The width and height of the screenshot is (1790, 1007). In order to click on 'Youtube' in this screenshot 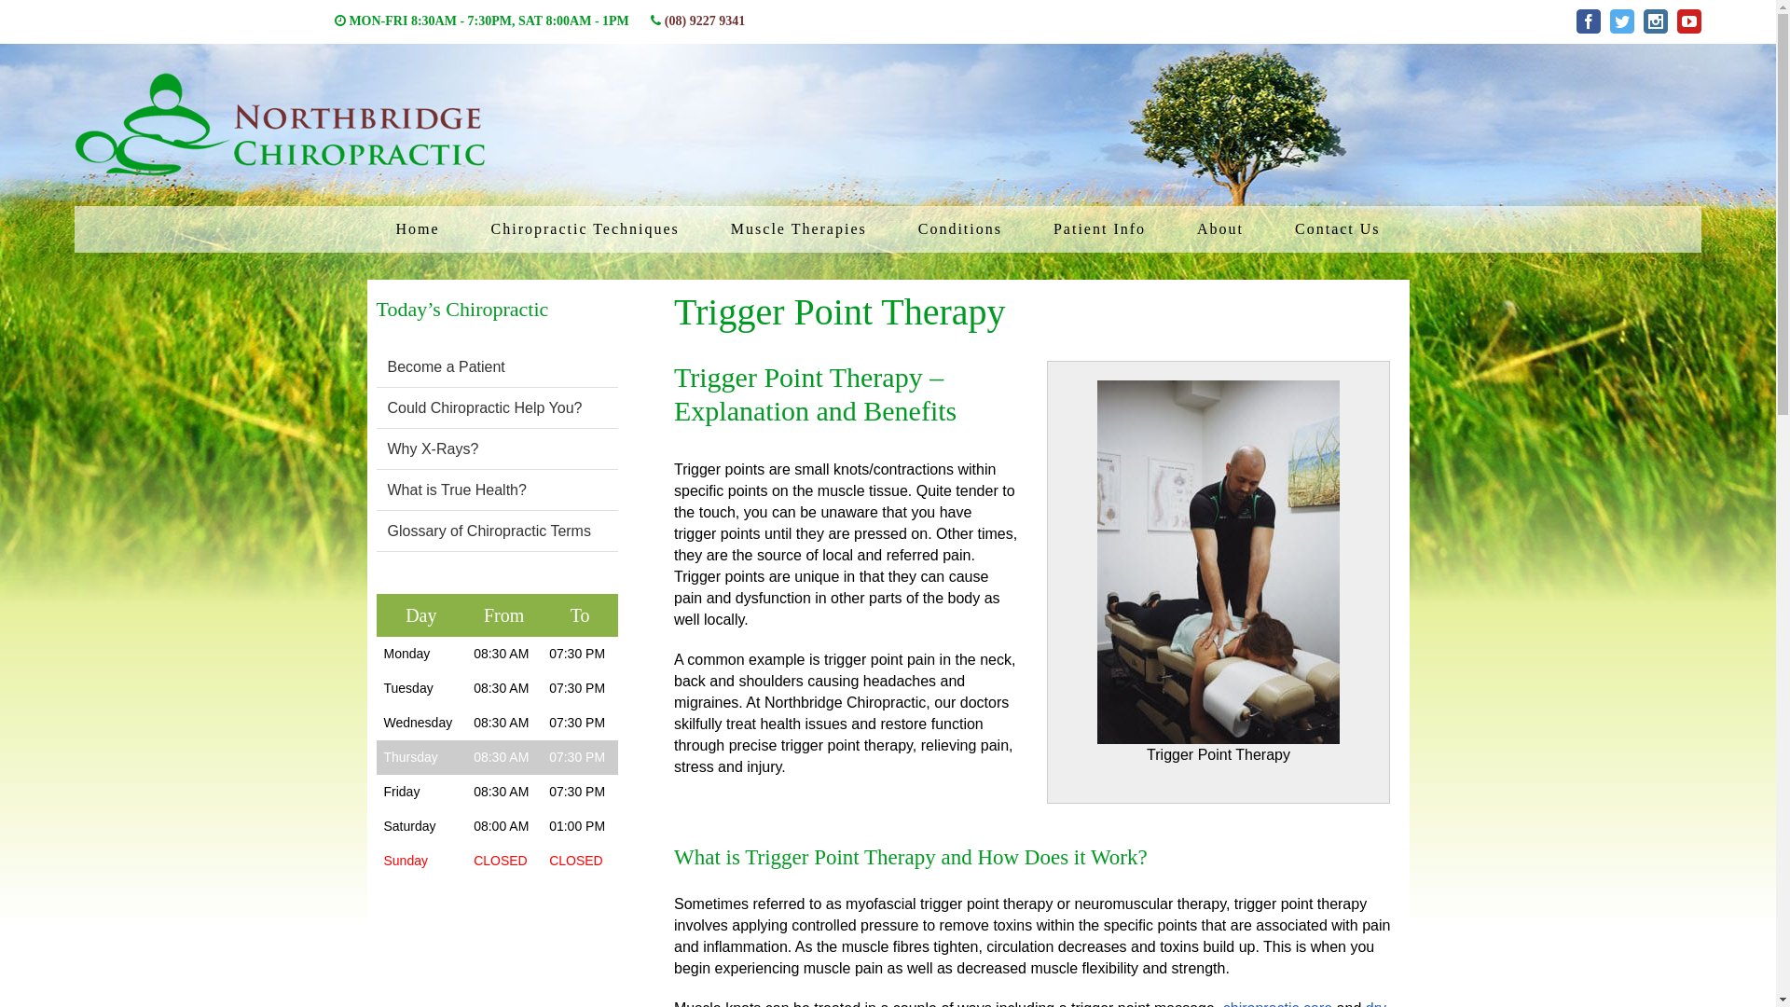, I will do `click(1689, 21)`.